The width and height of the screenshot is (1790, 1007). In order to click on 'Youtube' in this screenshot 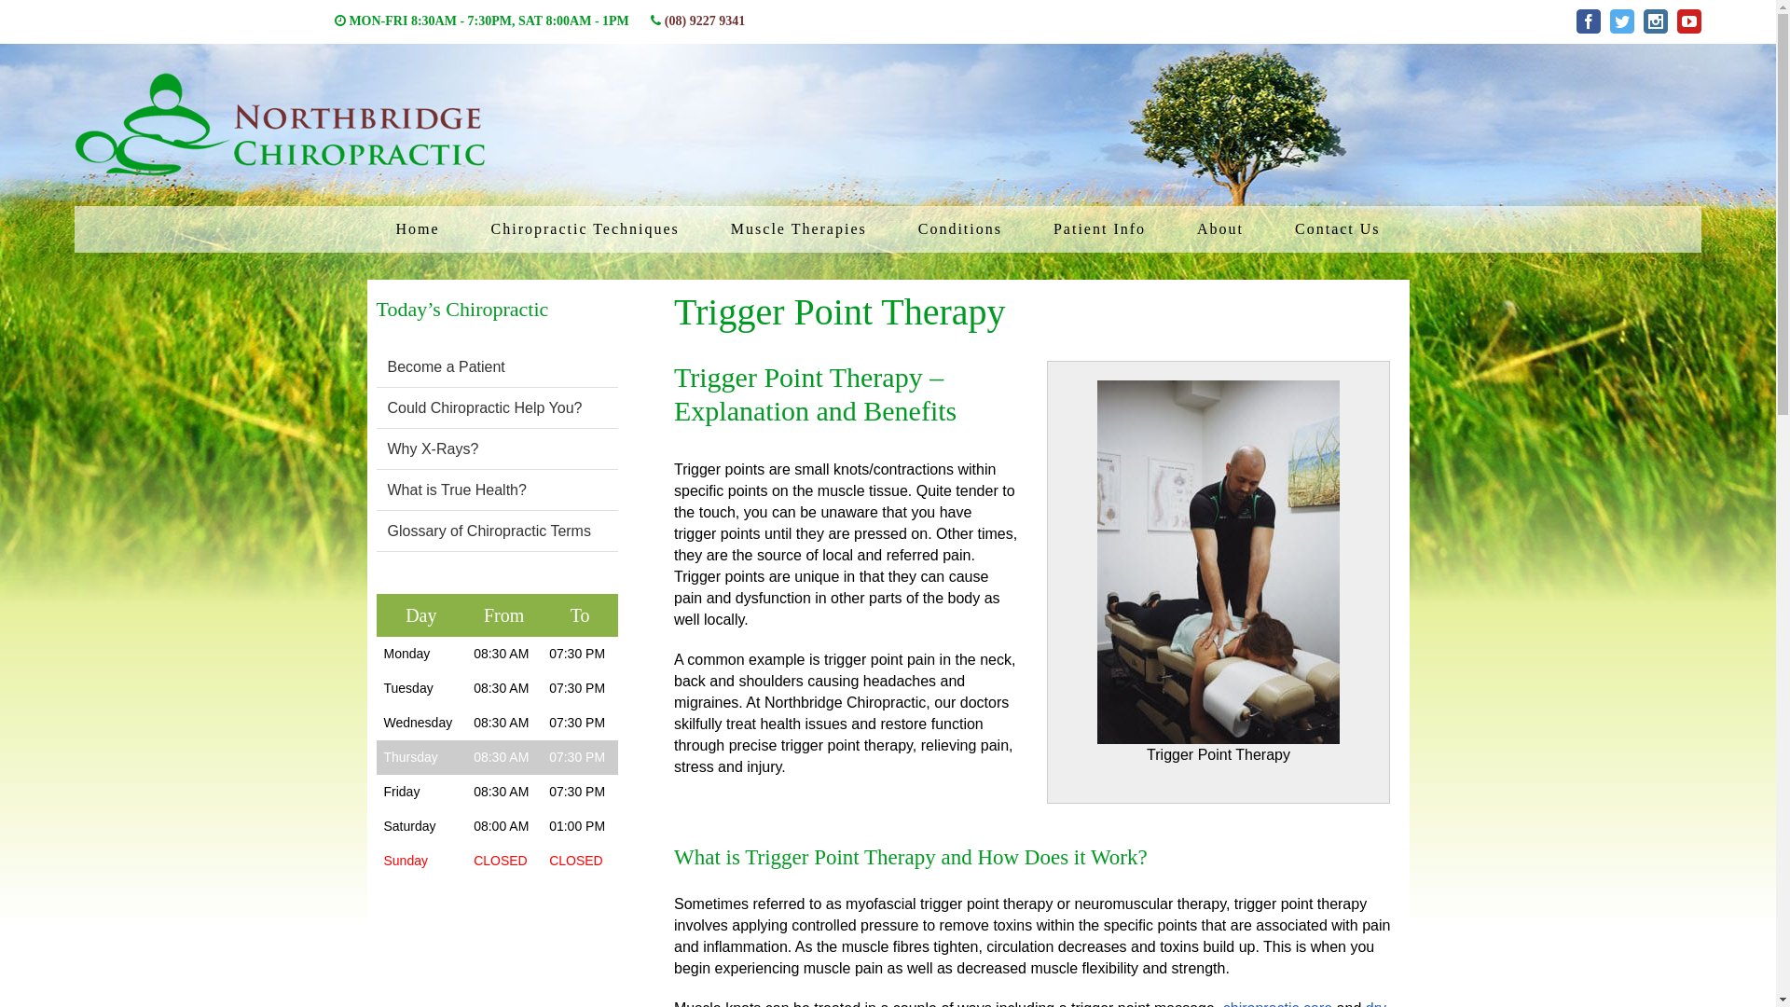, I will do `click(1689, 21)`.